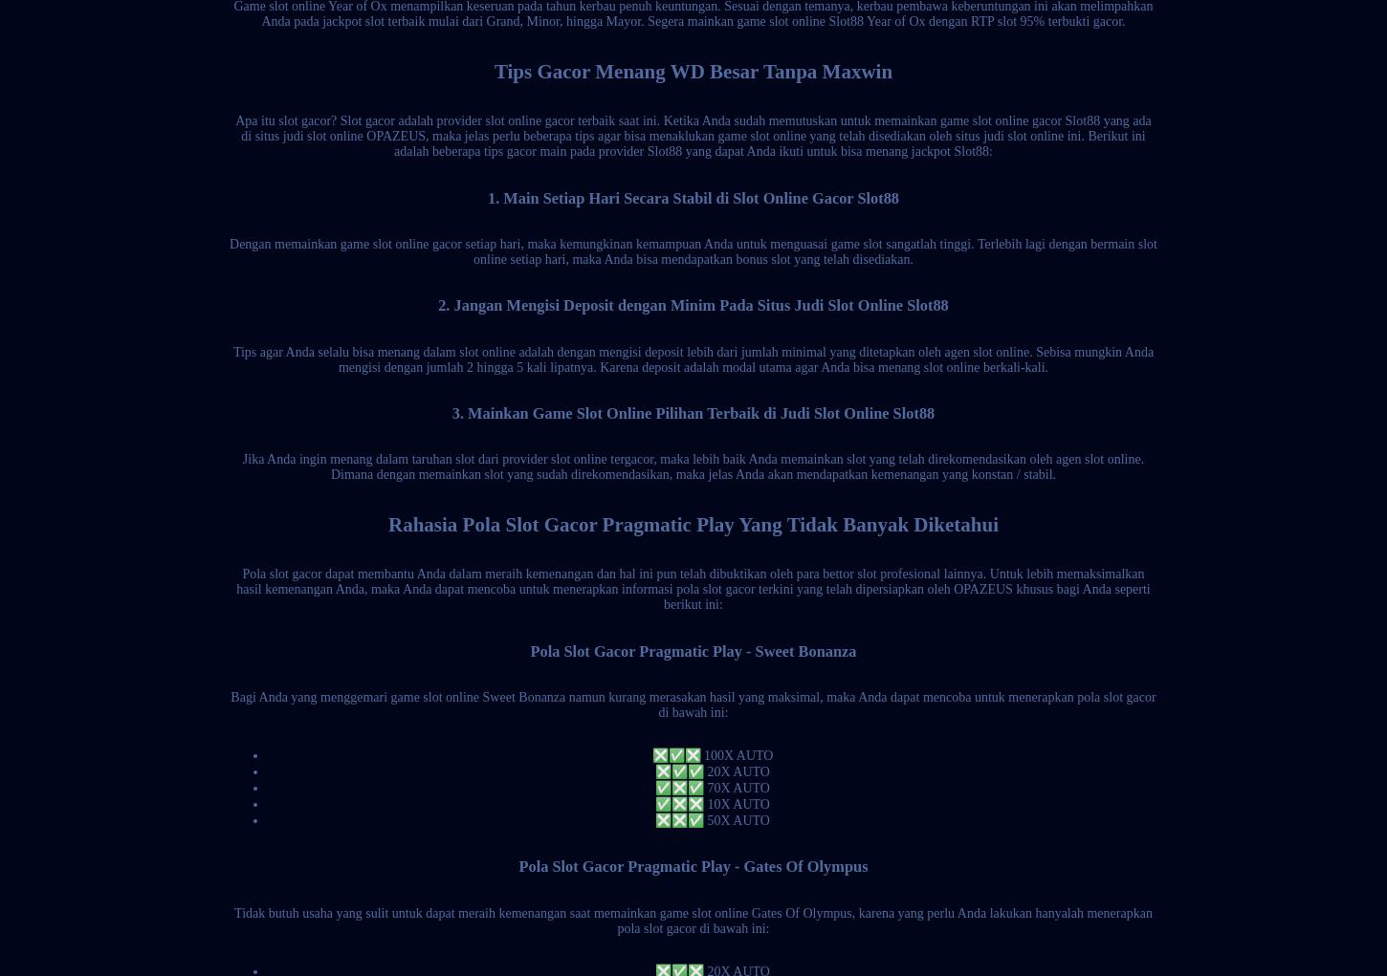 The width and height of the screenshot is (1387, 976). What do you see at coordinates (712, 786) in the screenshot?
I see `'✅❎✅ 70X AUTO'` at bounding box center [712, 786].